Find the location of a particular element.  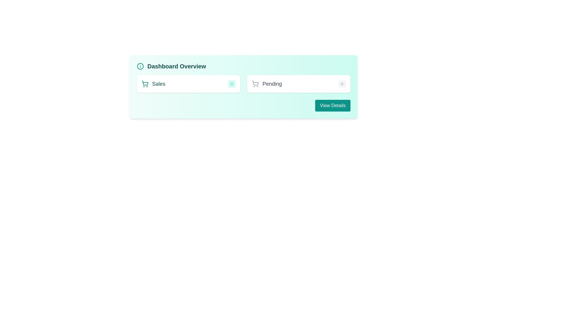

the status label displaying 'Pending' located to the right of the shopping cart icon within the dashboard overview card is located at coordinates (272, 84).